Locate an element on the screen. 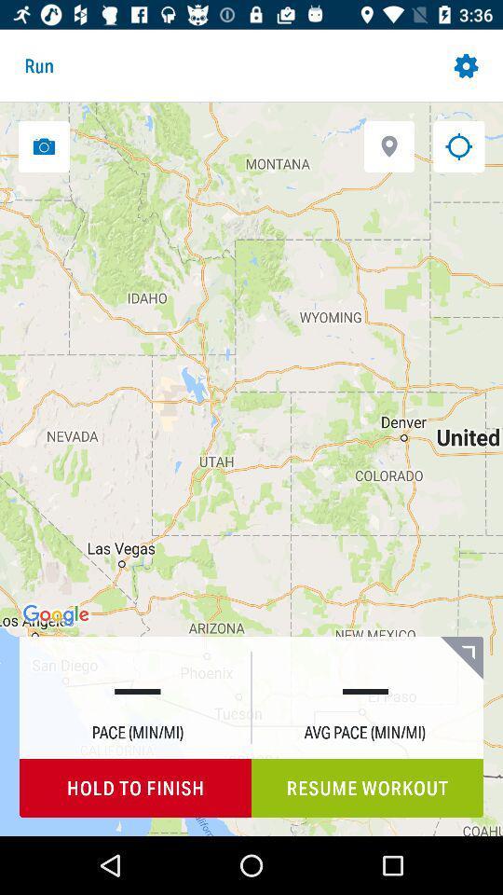  the bookmark icon is located at coordinates (460, 657).